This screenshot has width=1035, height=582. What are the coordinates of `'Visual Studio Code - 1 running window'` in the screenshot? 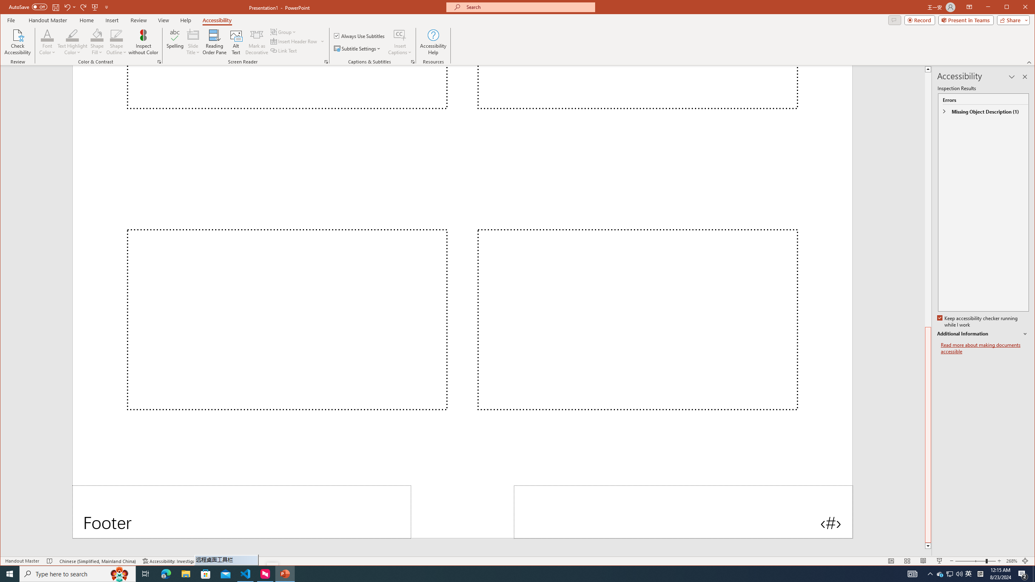 It's located at (245, 573).